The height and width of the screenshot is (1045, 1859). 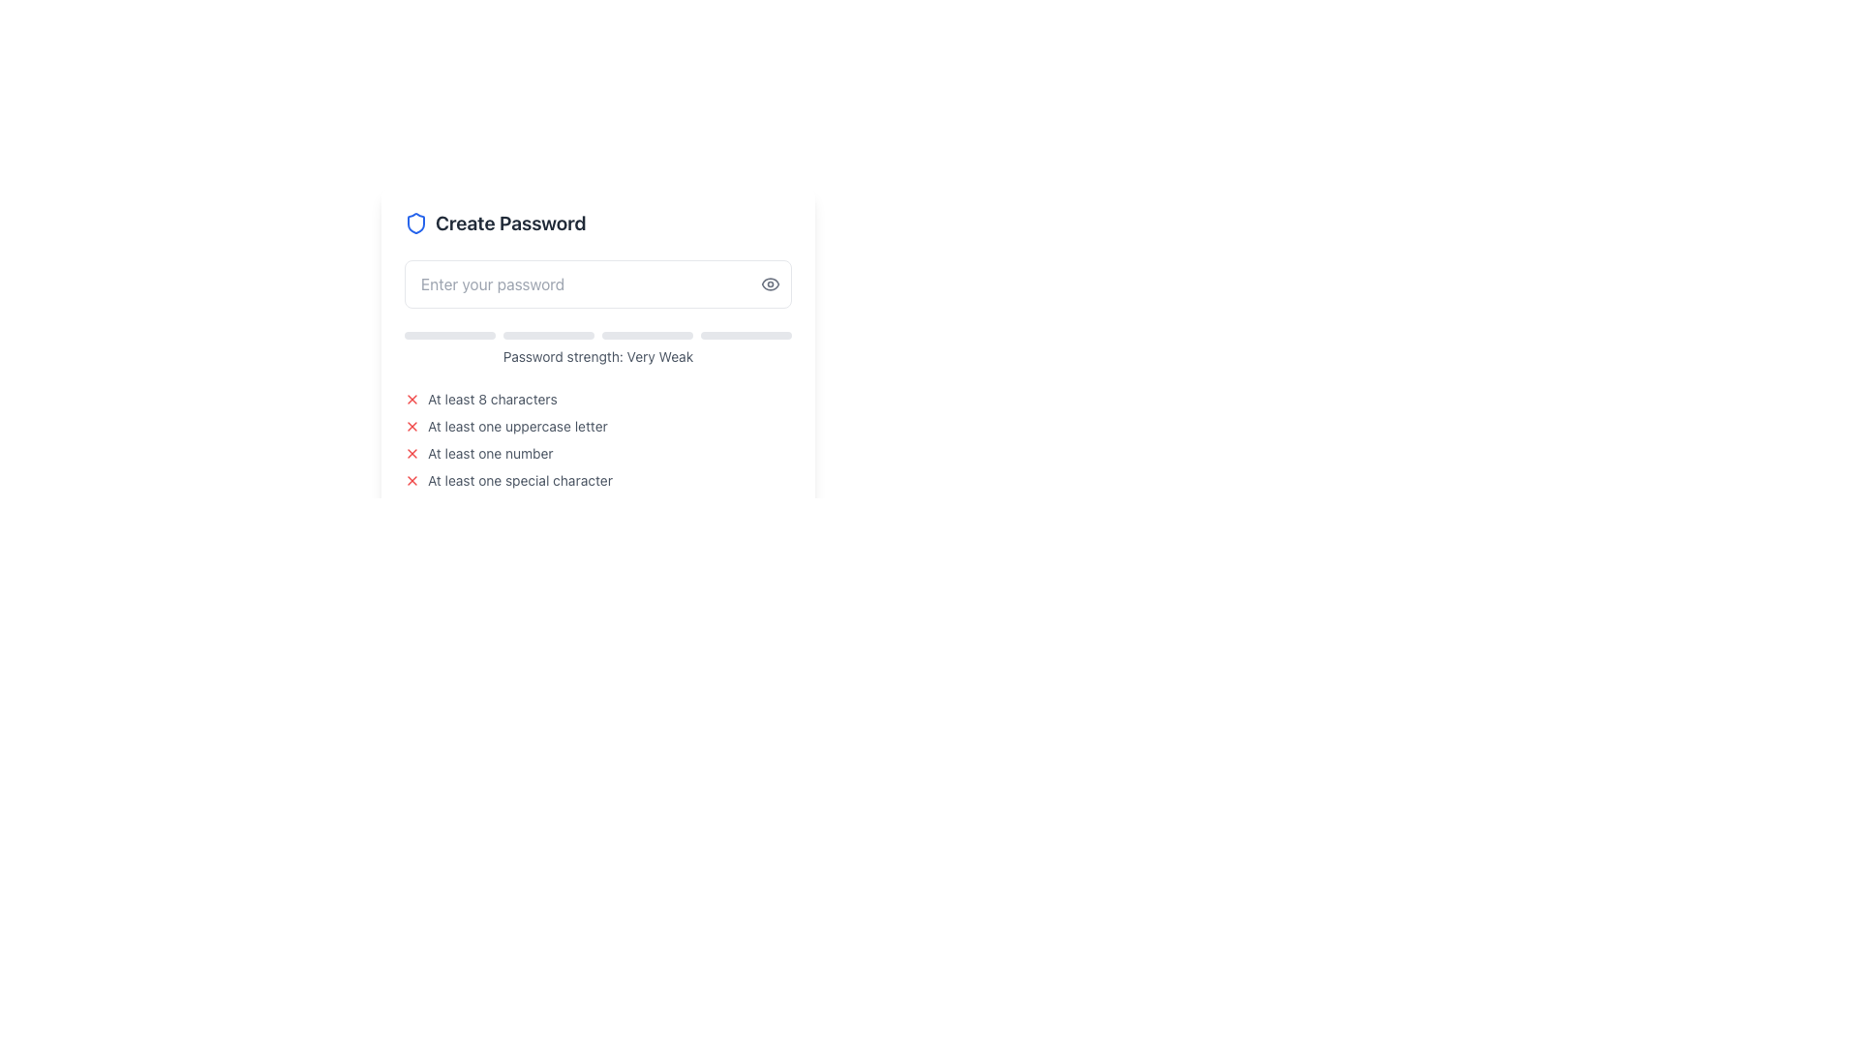 I want to click on the shield-like icon that symbolizes protection, located to the left of the 'Create Password' text, so click(x=415, y=223).